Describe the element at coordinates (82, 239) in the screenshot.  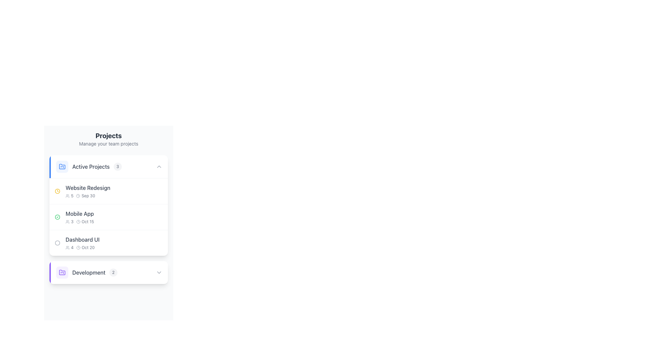
I see `text content of the text label displaying 'Dashboard UI', which is located within the 'Projects' list group under 'Active Projects' section, specifically on the third item below 'Mobile App'` at that location.